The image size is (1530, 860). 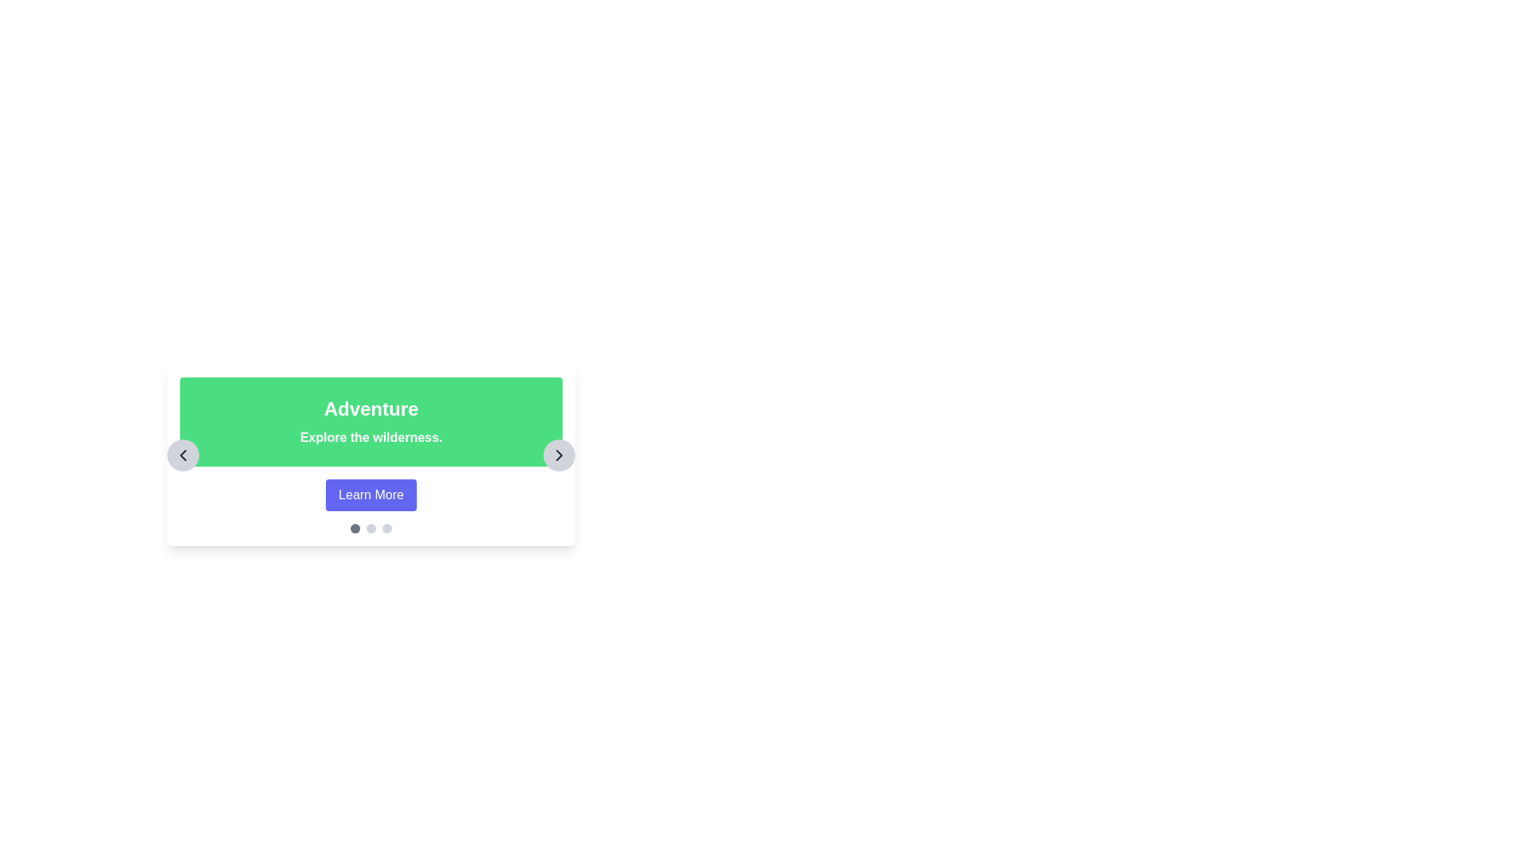 I want to click on the navigation button located in the center-left of the card titled 'Adventure', so click(x=183, y=455).